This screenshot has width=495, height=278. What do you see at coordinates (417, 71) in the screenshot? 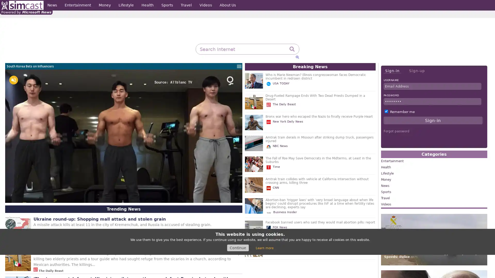
I see `Sign-up` at bounding box center [417, 71].